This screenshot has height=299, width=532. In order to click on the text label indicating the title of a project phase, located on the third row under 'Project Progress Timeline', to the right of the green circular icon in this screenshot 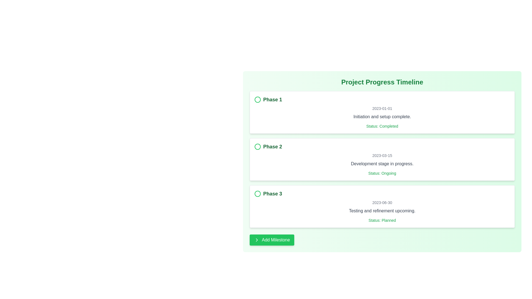, I will do `click(272, 193)`.